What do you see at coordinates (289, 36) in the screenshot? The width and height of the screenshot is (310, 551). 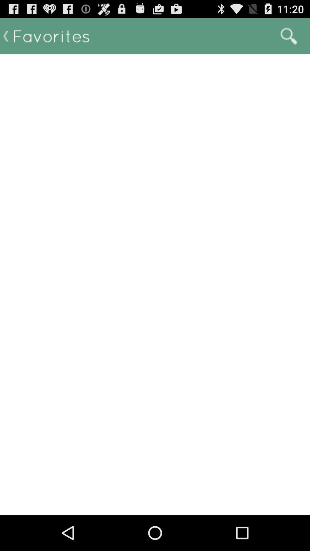 I see `item at the top right corner` at bounding box center [289, 36].